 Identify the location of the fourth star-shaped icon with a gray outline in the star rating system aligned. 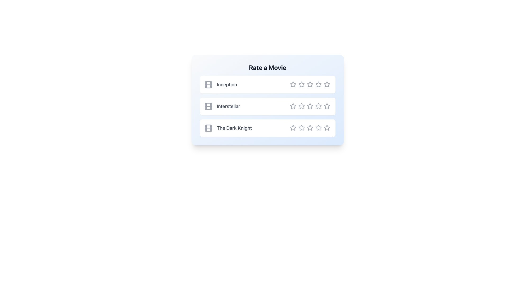
(318, 128).